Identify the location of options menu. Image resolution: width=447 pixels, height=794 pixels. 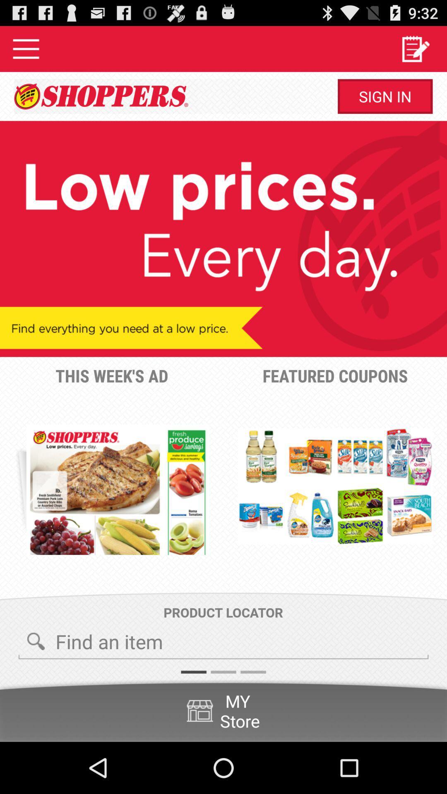
(25, 48).